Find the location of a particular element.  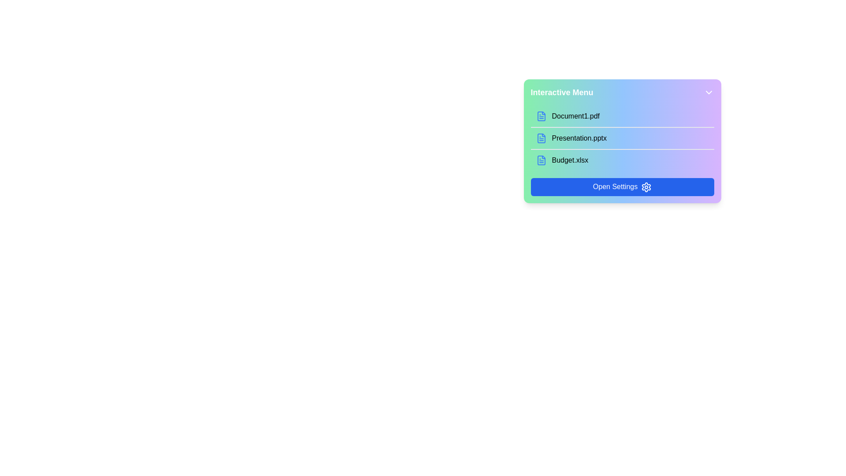

the document icon with a blue outline, which is the first icon in the menu positioned to the left of the text 'Document1.pdf' is located at coordinates (541, 115).